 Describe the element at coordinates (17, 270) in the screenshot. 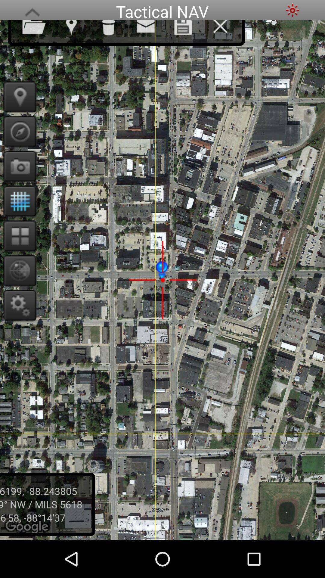

I see `zoom in on location` at that location.